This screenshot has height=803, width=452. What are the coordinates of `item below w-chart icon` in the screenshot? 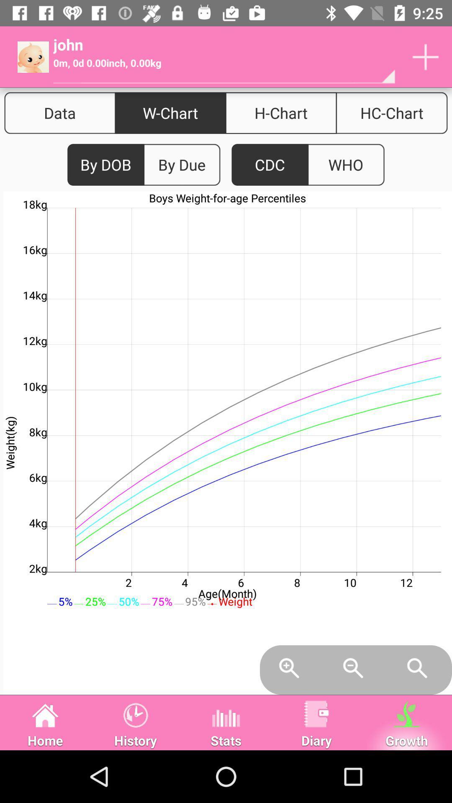 It's located at (181, 165).